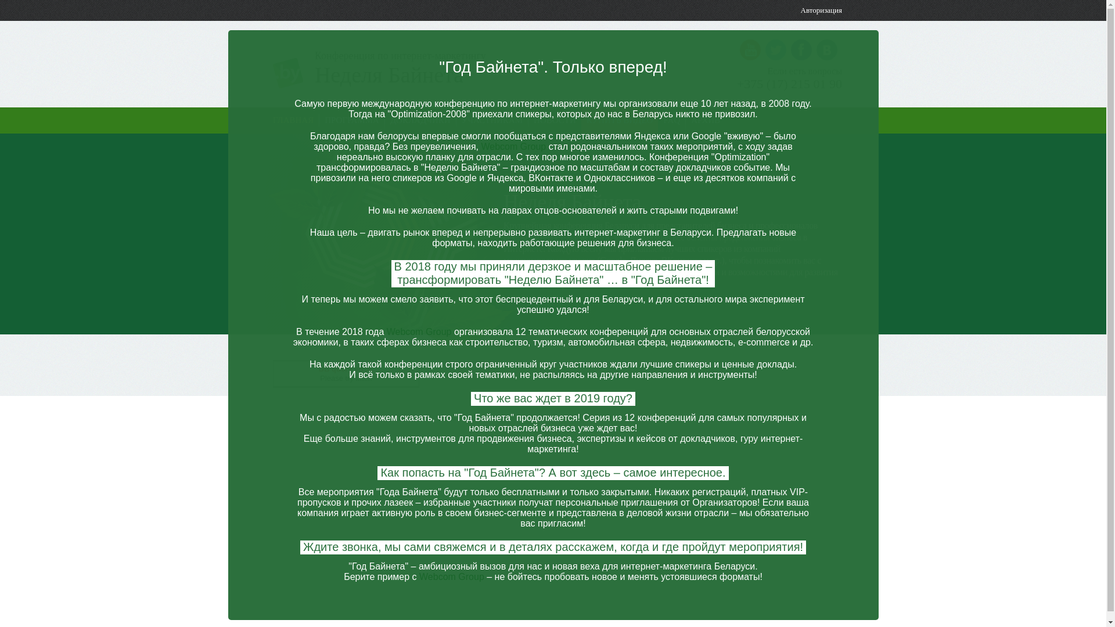 The height and width of the screenshot is (627, 1115). I want to click on 'Webcom Group', so click(512, 146).